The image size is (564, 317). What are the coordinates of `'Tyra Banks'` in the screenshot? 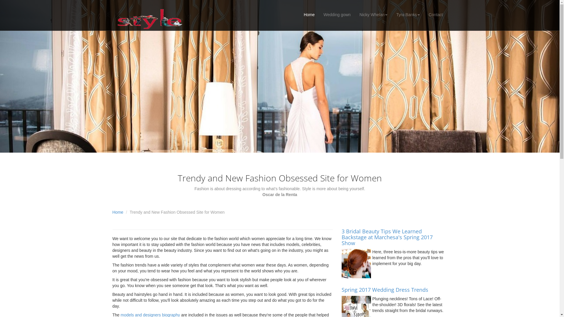 It's located at (392, 14).